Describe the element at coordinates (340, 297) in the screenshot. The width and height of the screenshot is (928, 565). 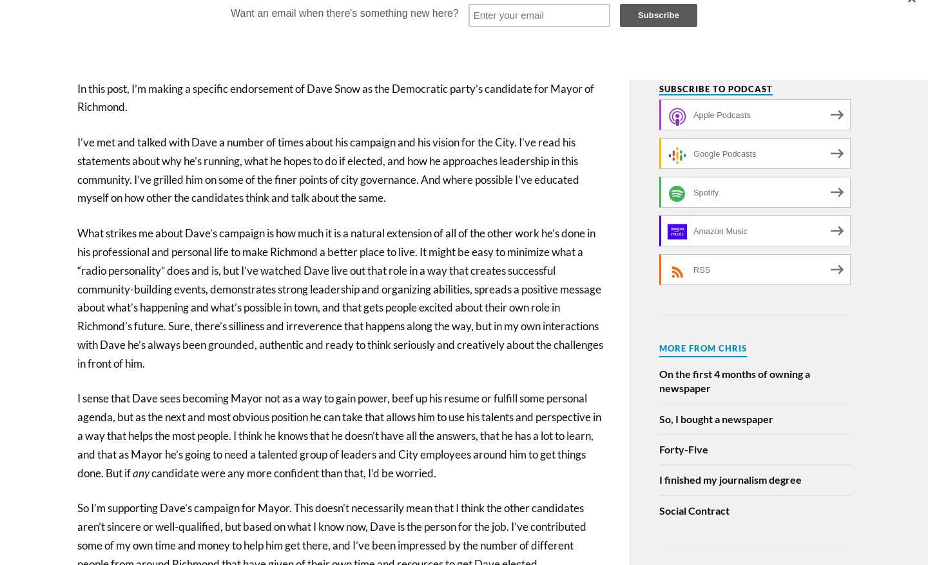
I see `'What strikes me about Dave’s campaign is how much it is a natural extension of all of the other work he’s done in his professional and personal life to make Richmond a better place to live. It might be easy to minimize what a “radio personality” does and is, but I’ve watched Dave live out that role in a way that creates successful community-building events, demonstrates strong leadership and organizing abilities, spreads a positive message about what’s happening and what’s possible in town, and that gets people excited about their own role in Richmond’s future. Sure, there’s silliness and irreverence that happens along the way, but in my own interactions with Dave he’s always been grounded, authentic and ready to think seriously and creatively about the challenges in front of him.'` at that location.